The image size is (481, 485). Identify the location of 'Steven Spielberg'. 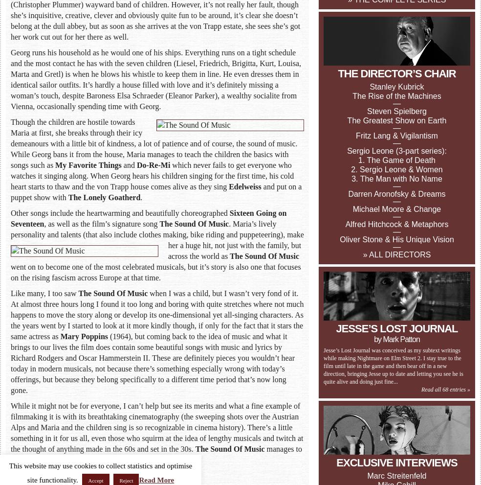
(396, 111).